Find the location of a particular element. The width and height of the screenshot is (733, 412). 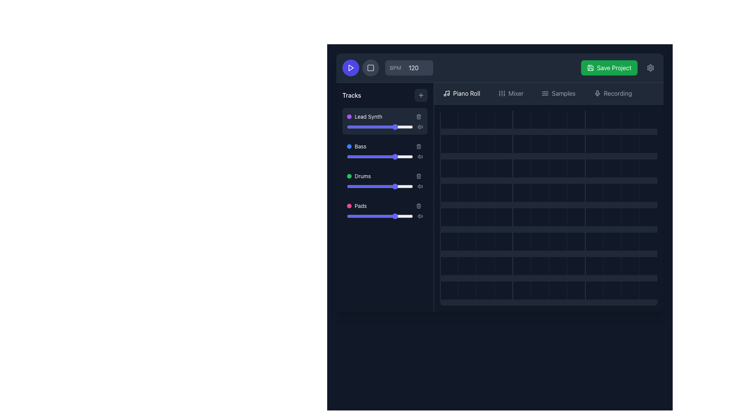

the square-shaped grid cell with a dark gray background located in the sixth column of the last row is located at coordinates (539, 266).